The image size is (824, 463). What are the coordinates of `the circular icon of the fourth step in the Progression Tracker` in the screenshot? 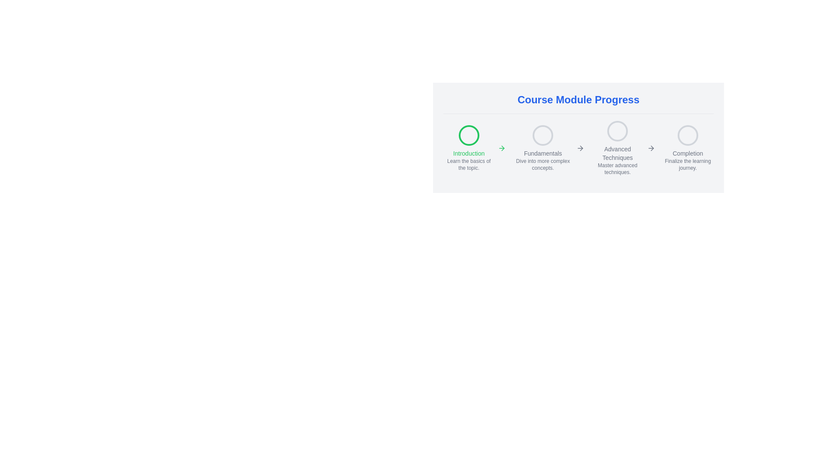 It's located at (688, 148).